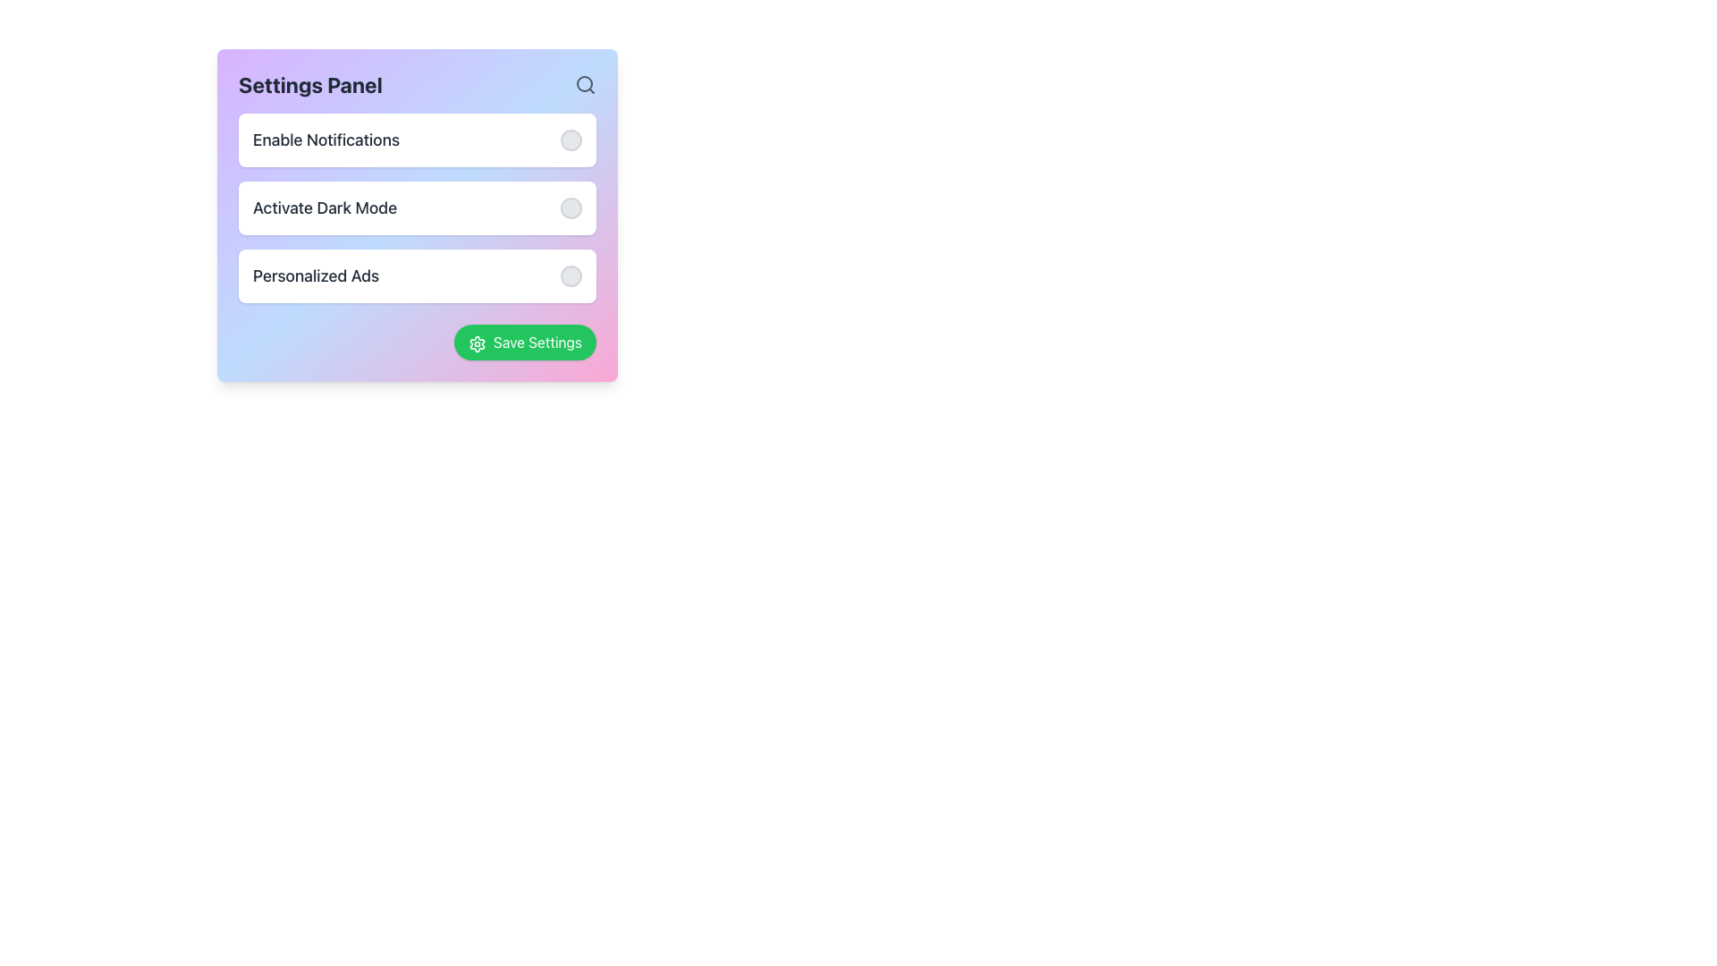 This screenshot has width=1717, height=966. What do you see at coordinates (524, 342) in the screenshot?
I see `the 'Save Settings' button located at the bottom-right of the settings panel` at bounding box center [524, 342].